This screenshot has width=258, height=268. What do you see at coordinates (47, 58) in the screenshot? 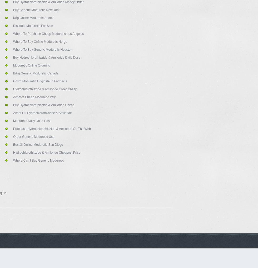
I see `'Buy Hydrochlorothiazide & Amiloride  Daily Dose'` at bounding box center [47, 58].